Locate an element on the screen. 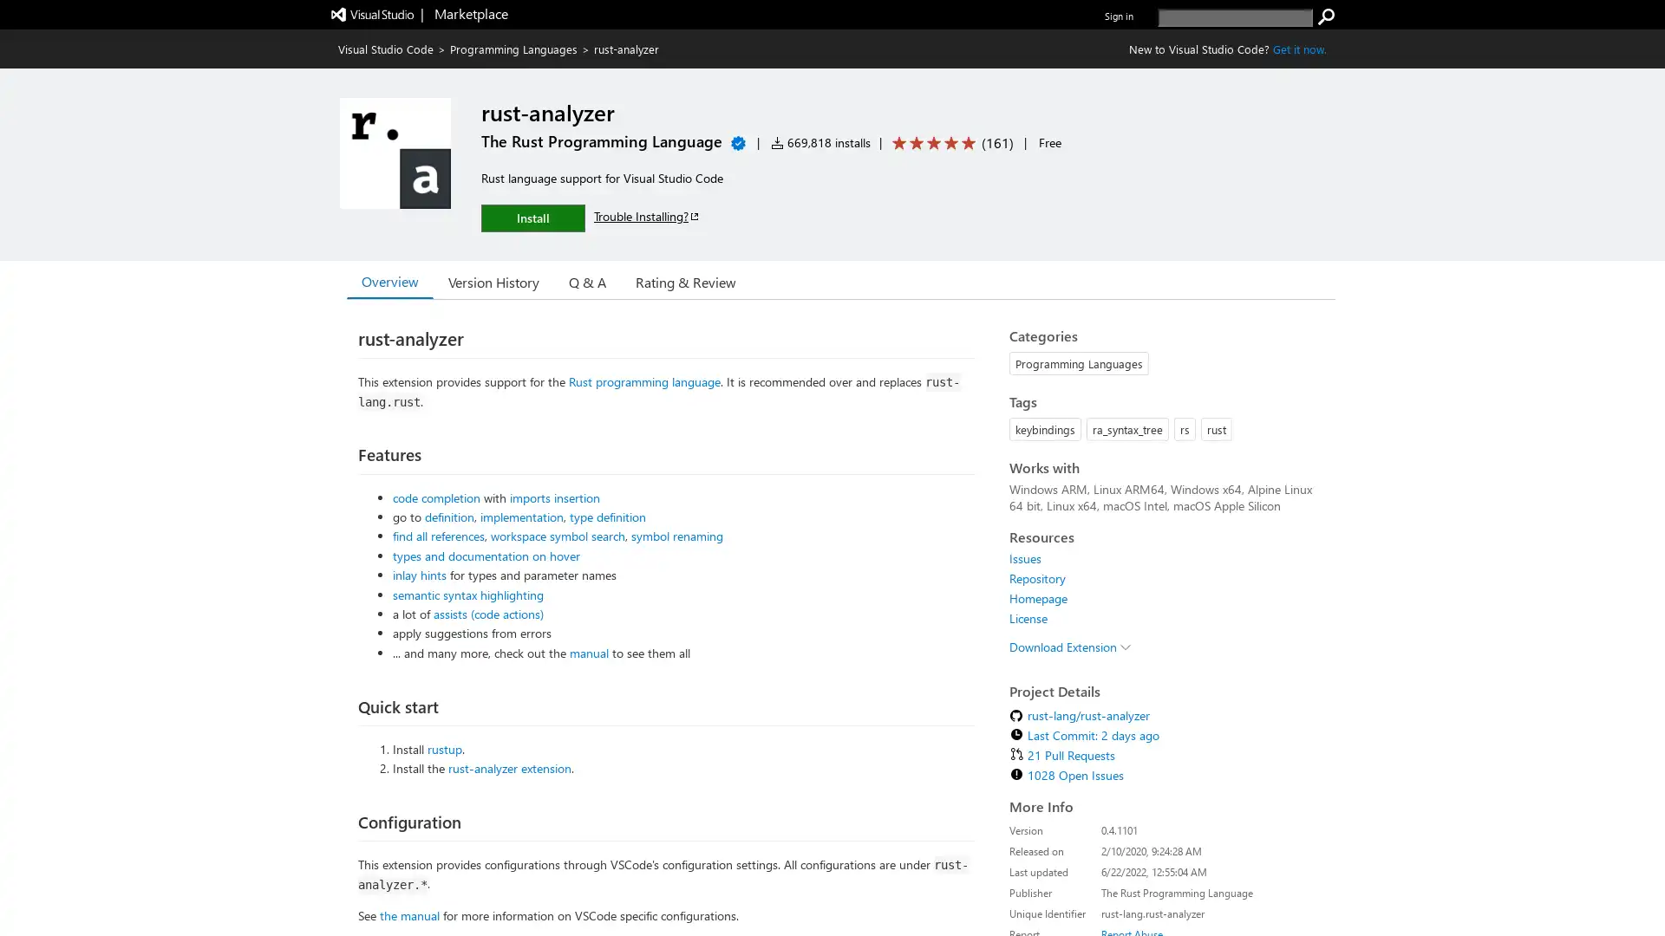 Image resolution: width=1665 pixels, height=936 pixels. search is located at coordinates (1326, 16).